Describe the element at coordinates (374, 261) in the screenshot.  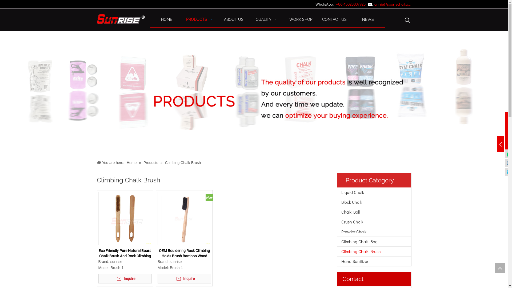
I see `'Hand Sanitizer'` at that location.